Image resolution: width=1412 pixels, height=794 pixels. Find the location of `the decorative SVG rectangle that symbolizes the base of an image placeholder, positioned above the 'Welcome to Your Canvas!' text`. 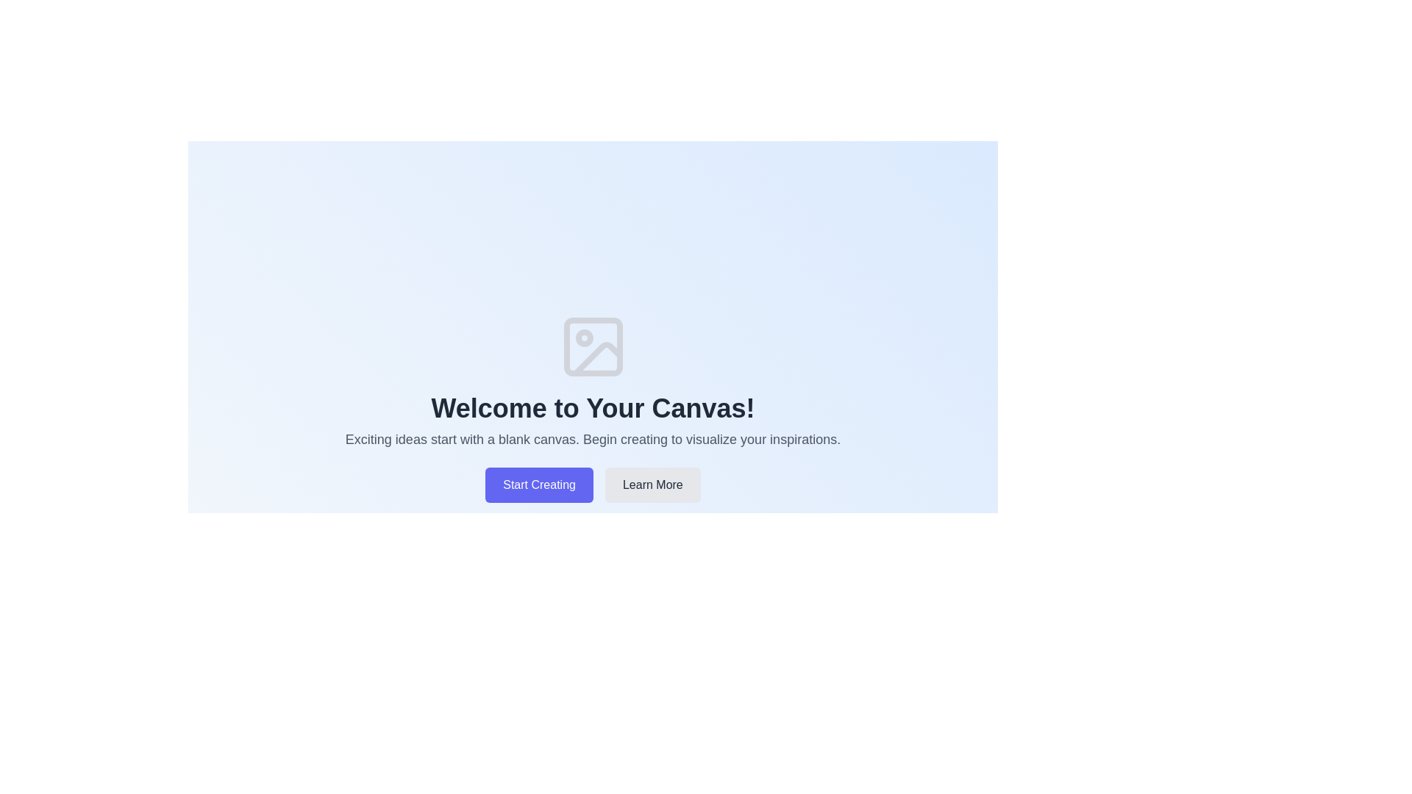

the decorative SVG rectangle that symbolizes the base of an image placeholder, positioned above the 'Welcome to Your Canvas!' text is located at coordinates (593, 346).